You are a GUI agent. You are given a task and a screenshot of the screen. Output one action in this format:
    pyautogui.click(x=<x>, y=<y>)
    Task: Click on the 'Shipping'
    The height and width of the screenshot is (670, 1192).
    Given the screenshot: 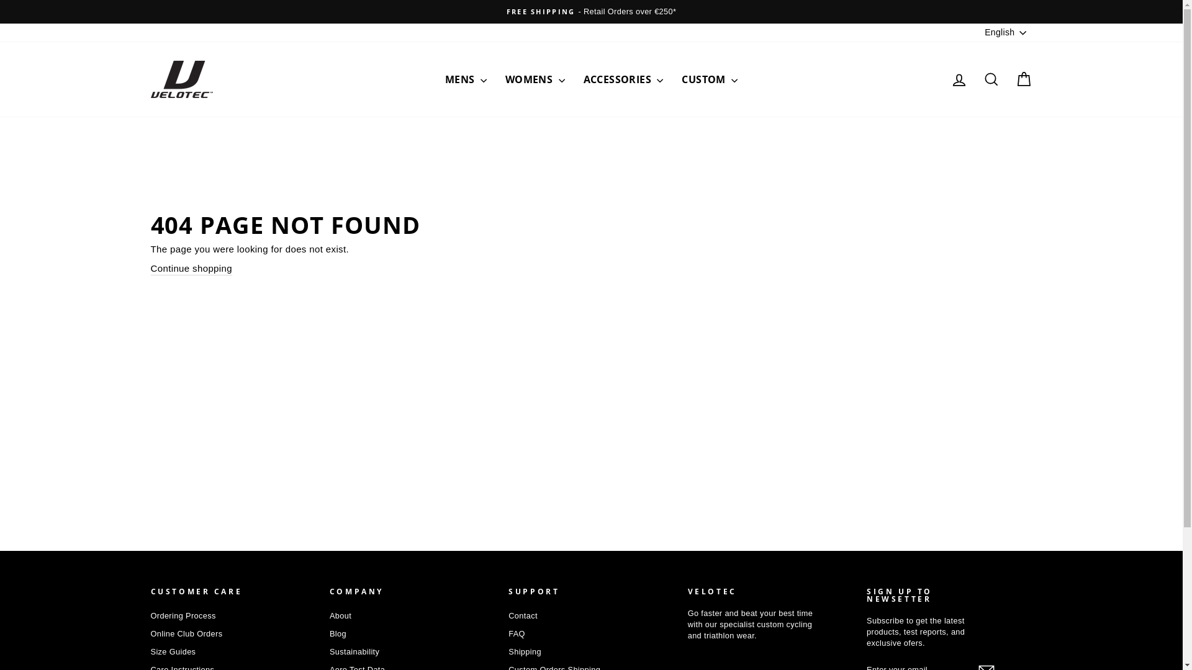 What is the action you would take?
    pyautogui.click(x=525, y=651)
    